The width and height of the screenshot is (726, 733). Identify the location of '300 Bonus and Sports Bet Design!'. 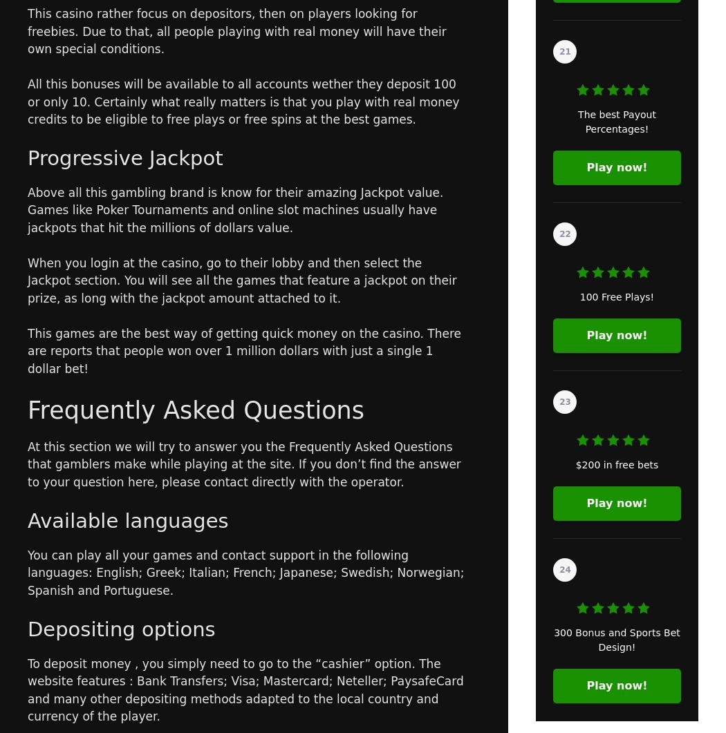
(615, 639).